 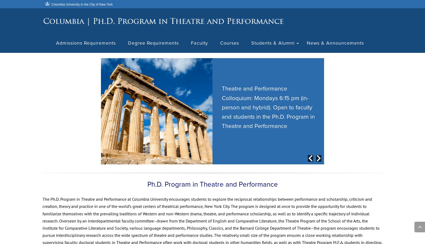 I want to click on 'Ph.D. Program in Theatre and Performance', so click(x=212, y=186).